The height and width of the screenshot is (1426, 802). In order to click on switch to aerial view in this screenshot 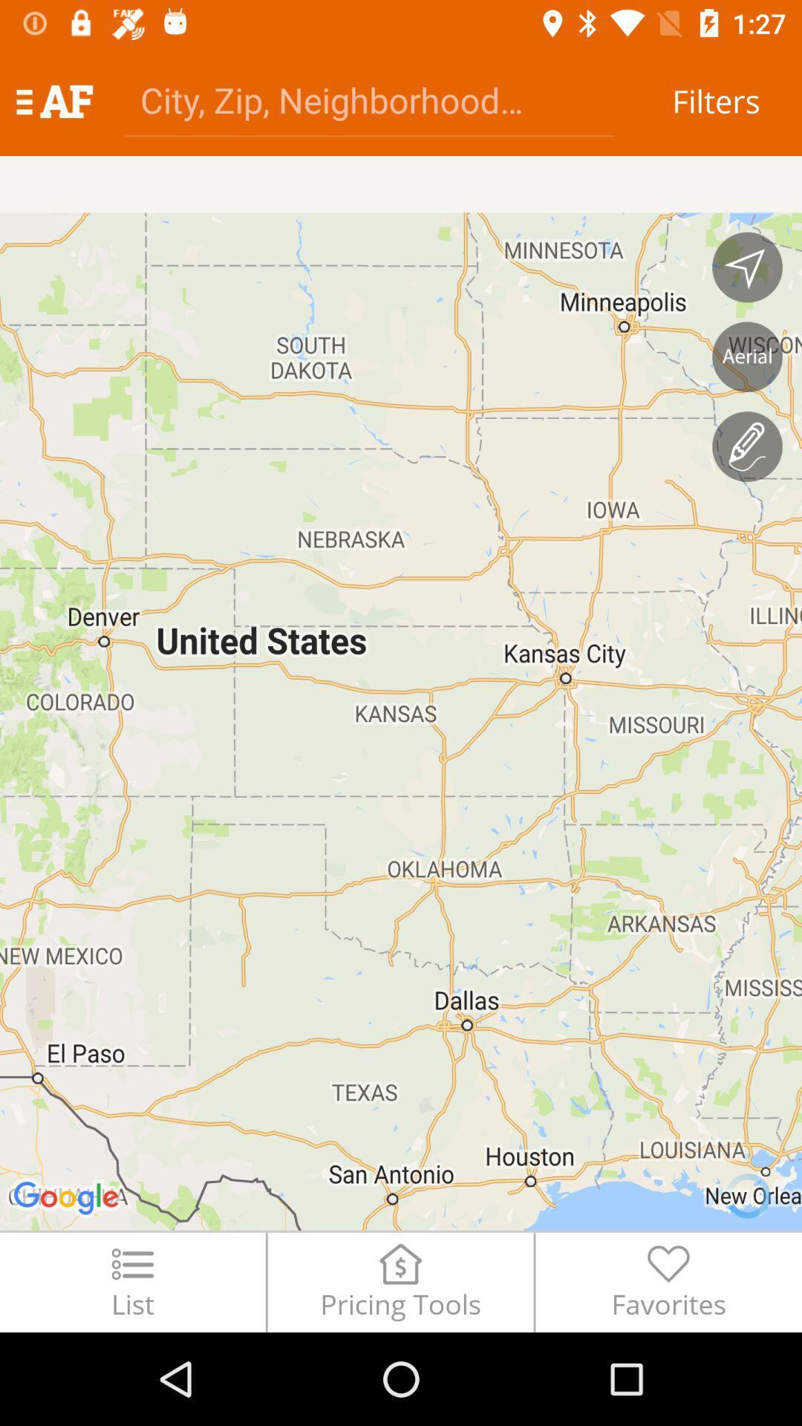, I will do `click(747, 356)`.